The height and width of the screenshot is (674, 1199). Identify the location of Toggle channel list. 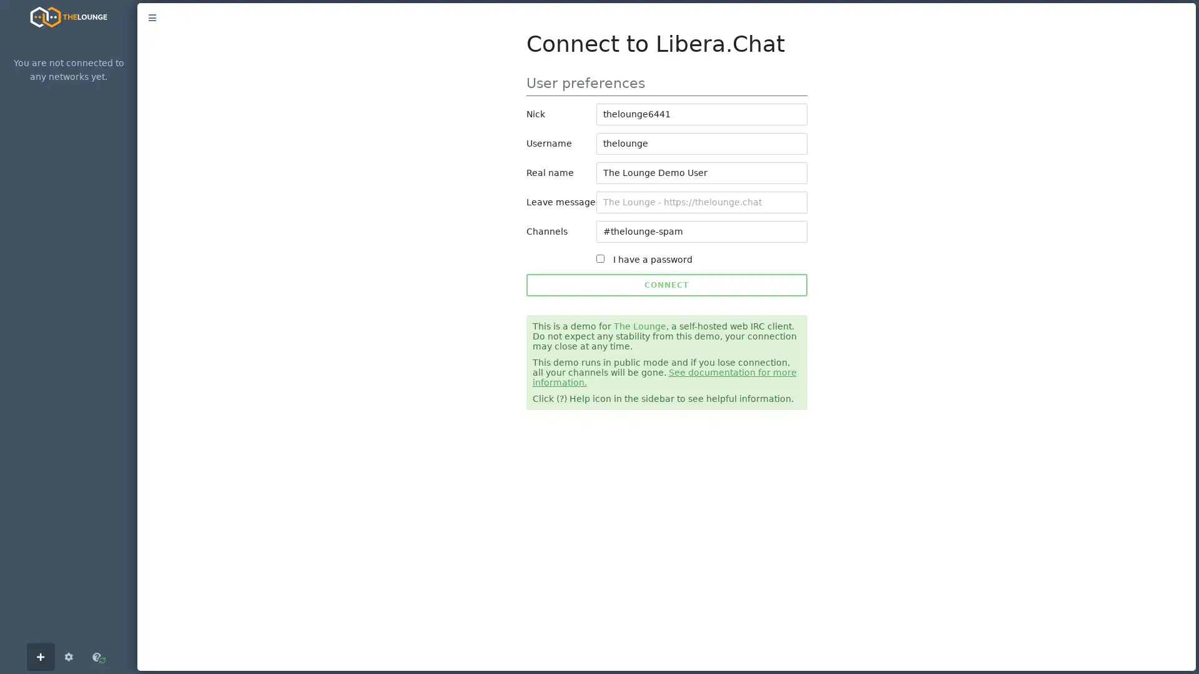
(152, 18).